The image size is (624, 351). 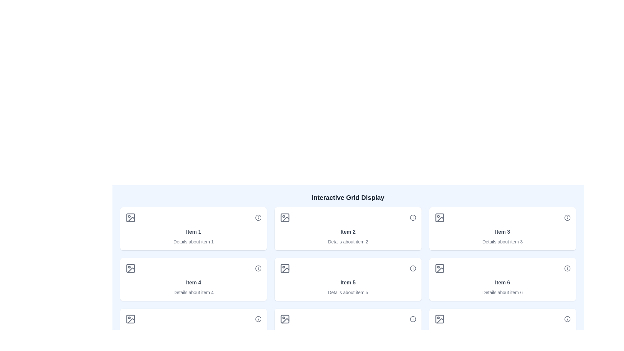 What do you see at coordinates (502, 228) in the screenshot?
I see `the card displaying an item with a title and description located in the first row, third column of the grid layout` at bounding box center [502, 228].